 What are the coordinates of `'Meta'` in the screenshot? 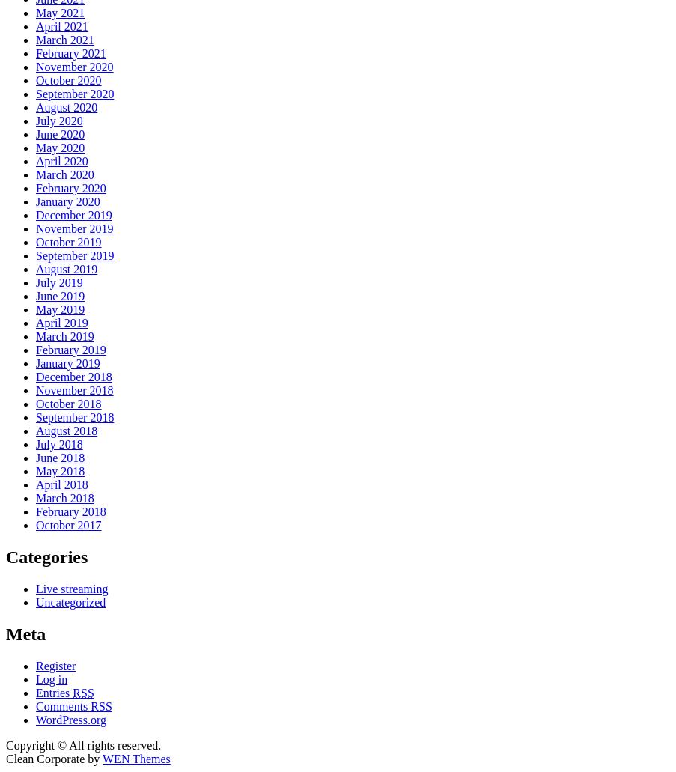 It's located at (25, 633).